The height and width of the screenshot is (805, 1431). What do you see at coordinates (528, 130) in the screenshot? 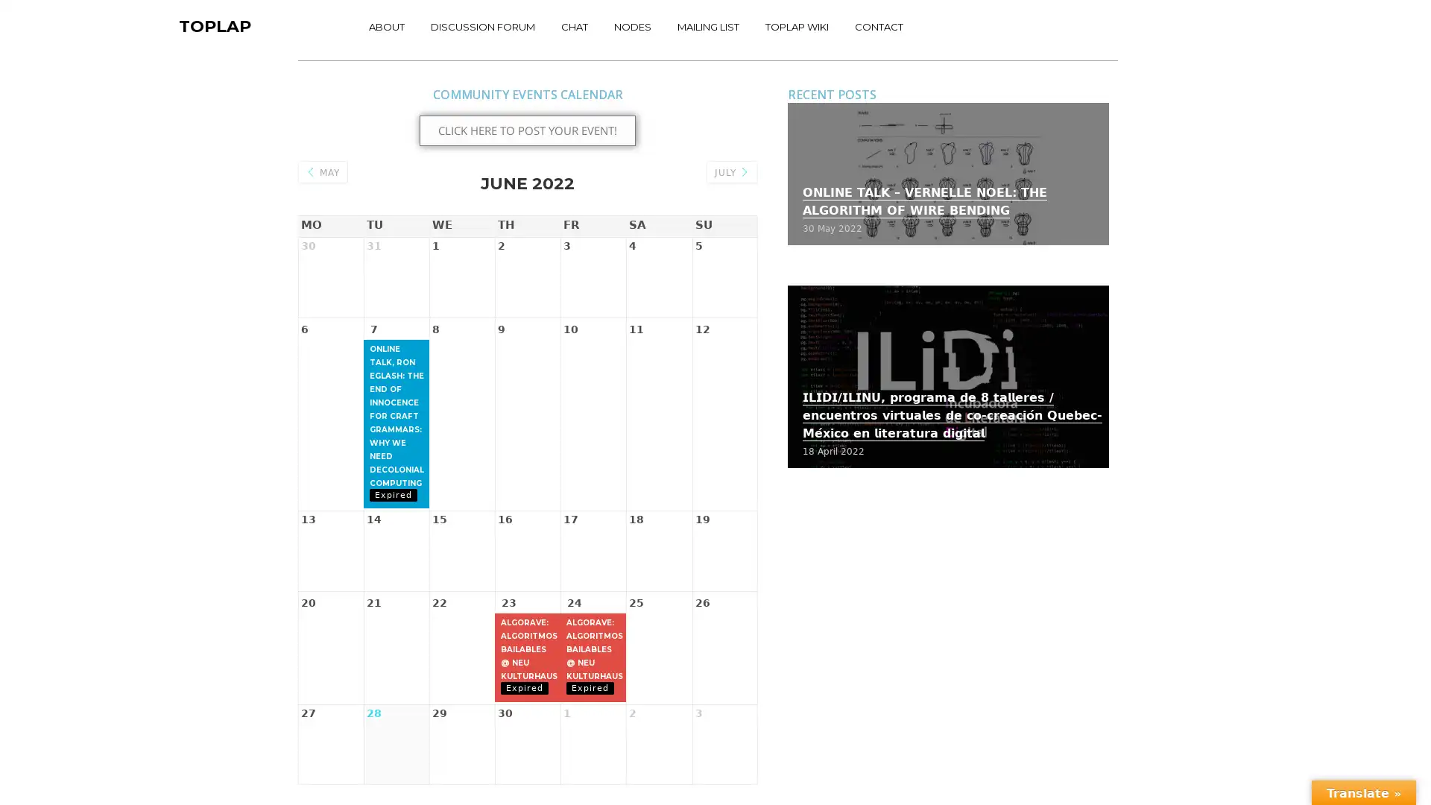
I see `CLICK HERE TO POST YOUR EVENT!` at bounding box center [528, 130].